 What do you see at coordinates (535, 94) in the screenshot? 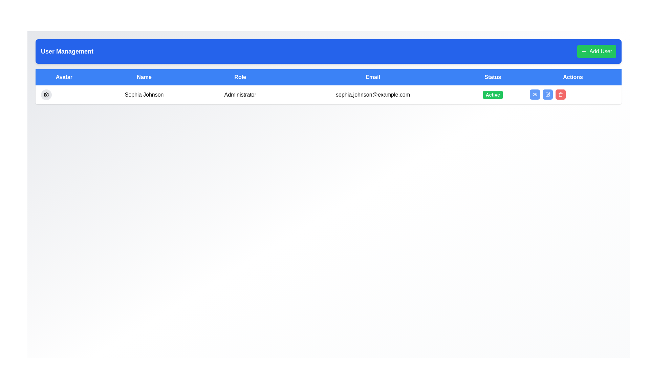
I see `the 'View' button in the 'Actions' column for the user 'Sophia Johnson' to change its visual appearance` at bounding box center [535, 94].